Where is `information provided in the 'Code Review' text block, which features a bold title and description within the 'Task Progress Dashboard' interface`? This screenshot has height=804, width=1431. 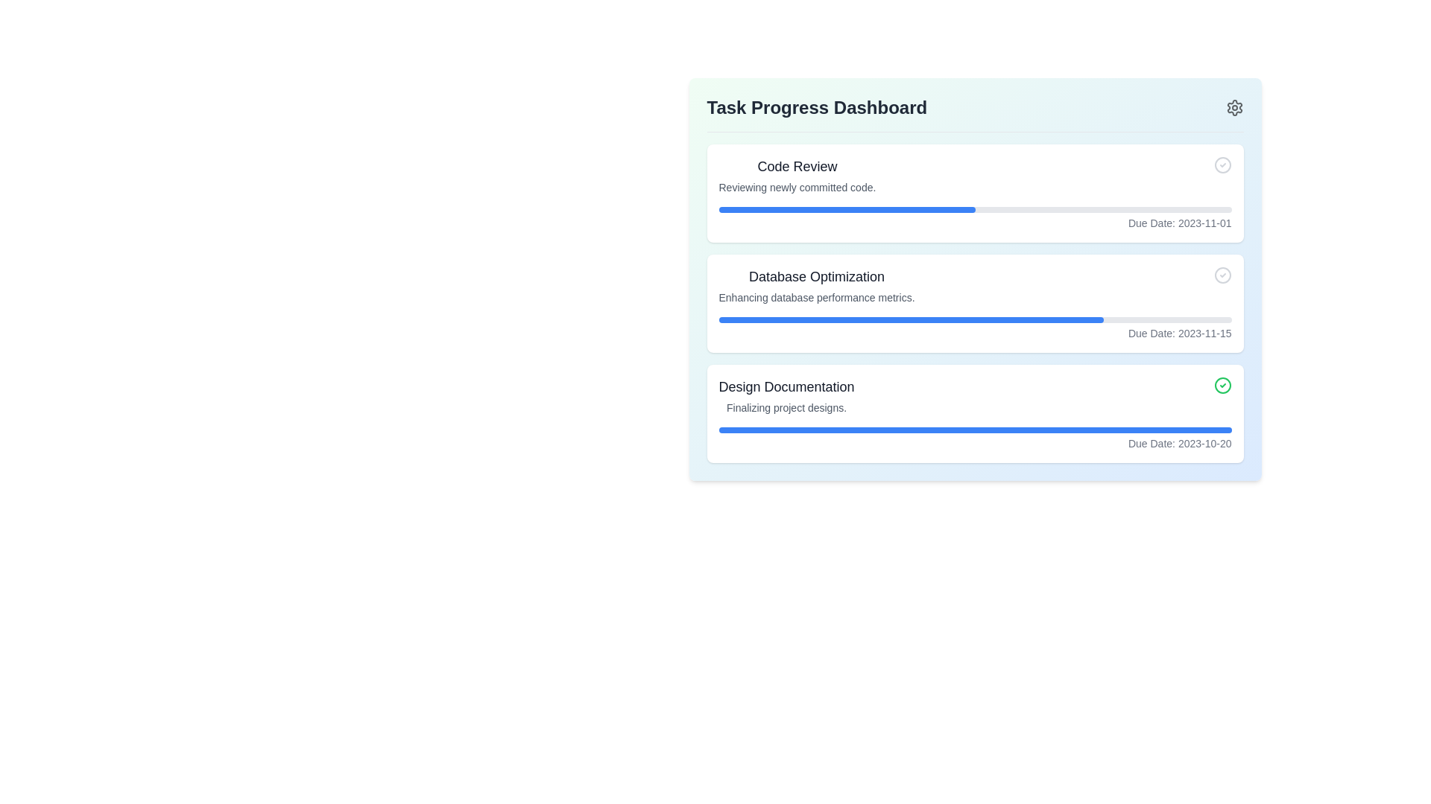
information provided in the 'Code Review' text block, which features a bold title and description within the 'Task Progress Dashboard' interface is located at coordinates (797, 174).